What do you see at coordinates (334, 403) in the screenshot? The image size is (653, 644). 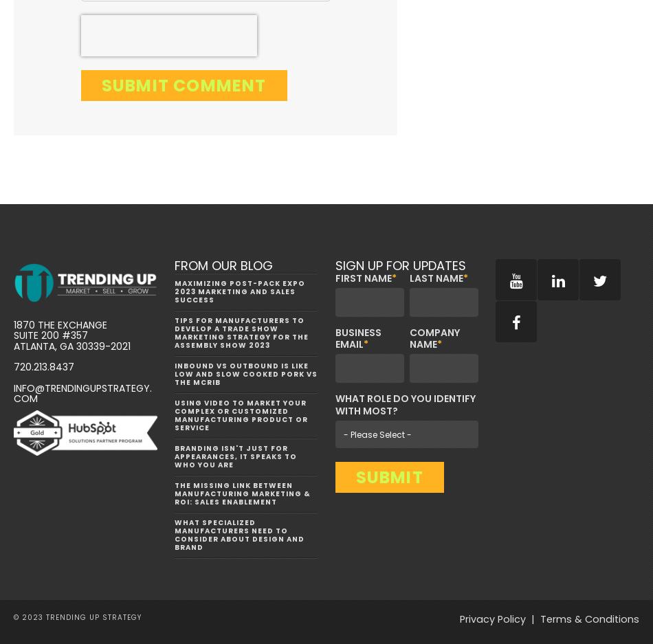 I see `'WHAT ROLE DO YOU IDENTIFY WITH MOST?'` at bounding box center [334, 403].